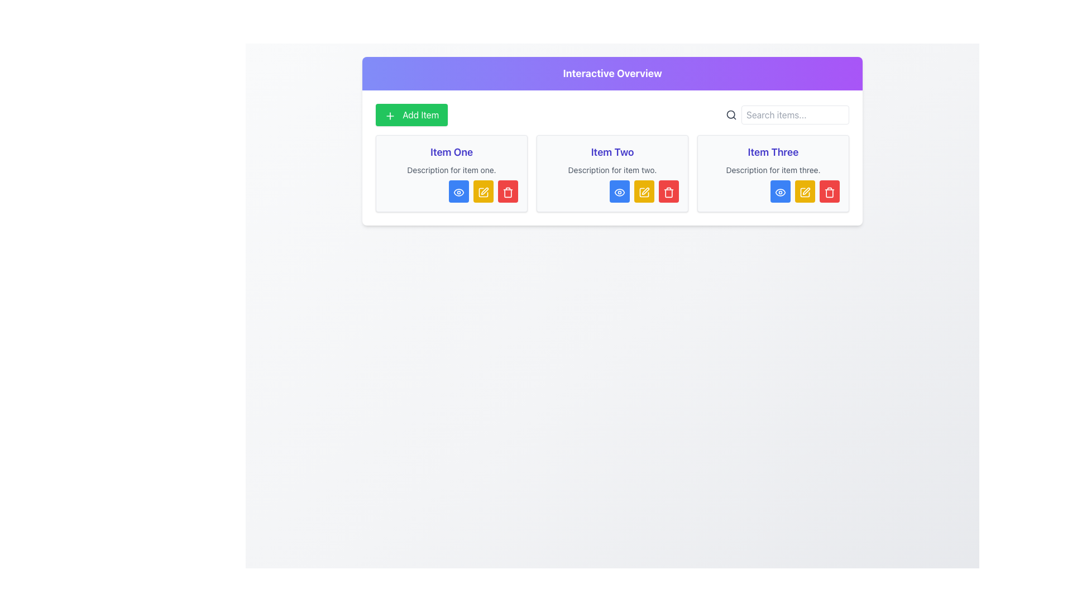 This screenshot has width=1072, height=603. What do you see at coordinates (830, 191) in the screenshot?
I see `the small red button with a white trash can icon located in the bottom right corner of the card titled 'Item Three'` at bounding box center [830, 191].